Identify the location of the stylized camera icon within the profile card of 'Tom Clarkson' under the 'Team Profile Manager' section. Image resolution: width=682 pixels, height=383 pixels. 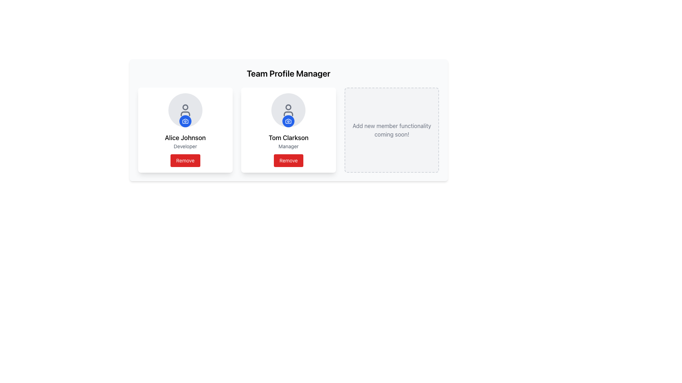
(288, 121).